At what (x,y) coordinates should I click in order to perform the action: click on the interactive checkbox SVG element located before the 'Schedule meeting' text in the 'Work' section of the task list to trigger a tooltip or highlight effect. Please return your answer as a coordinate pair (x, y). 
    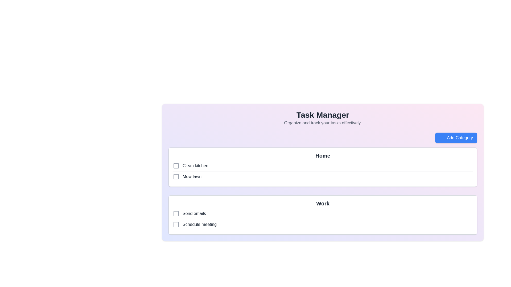
    Looking at the image, I should click on (176, 224).